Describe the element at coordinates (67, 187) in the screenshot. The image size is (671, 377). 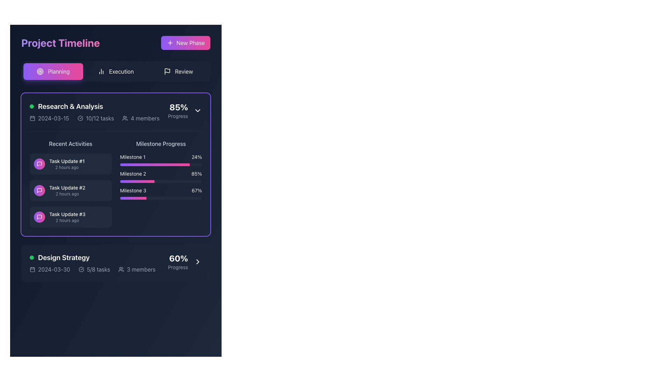
I see `the text label 'Task Update #2' located in the 'Recent Activities' section under 'Research & Analysis' in the project timeline interface` at that location.